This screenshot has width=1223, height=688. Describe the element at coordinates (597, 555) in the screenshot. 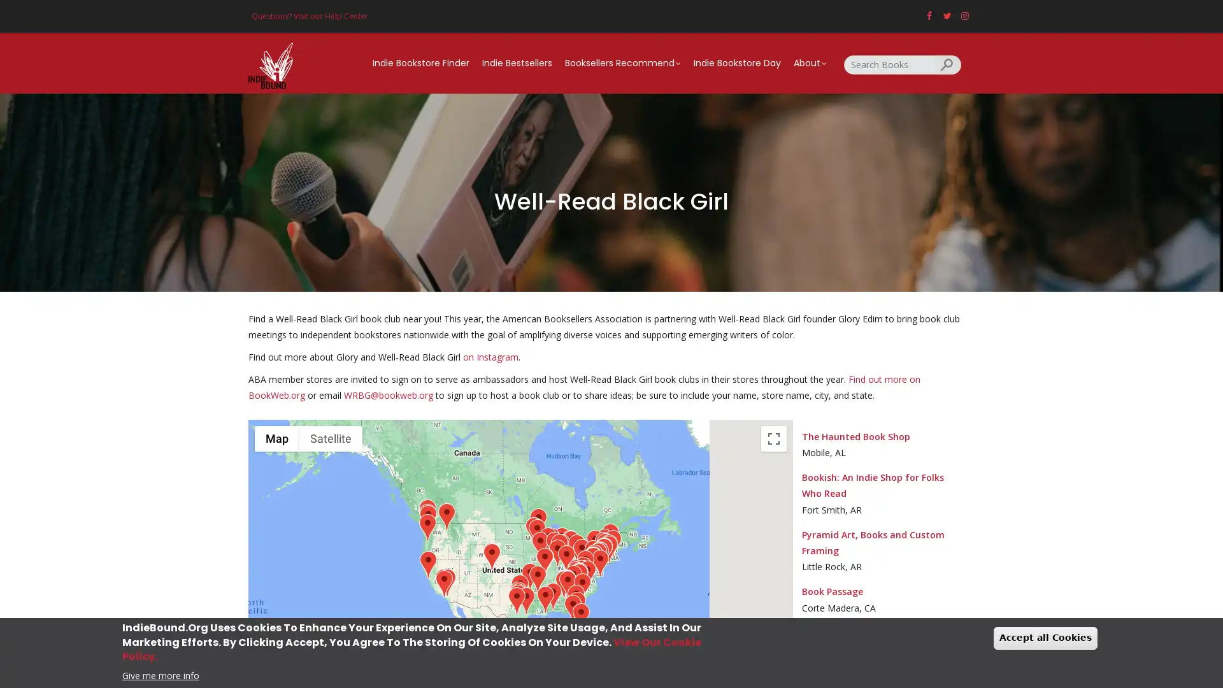

I see `Delaware Art Museum Store` at that location.